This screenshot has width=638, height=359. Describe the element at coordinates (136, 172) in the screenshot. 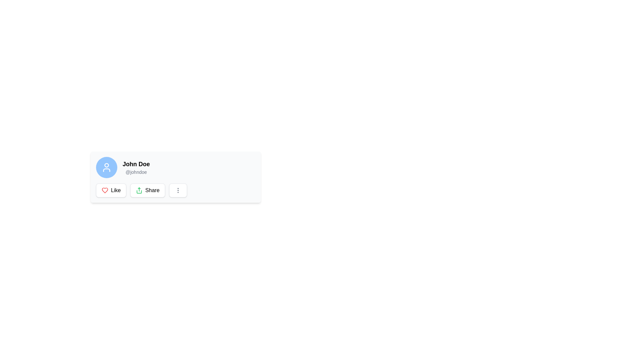

I see `the static text element that displays the user's handle or username, positioned below the bold-styled name 'John Doe'` at that location.